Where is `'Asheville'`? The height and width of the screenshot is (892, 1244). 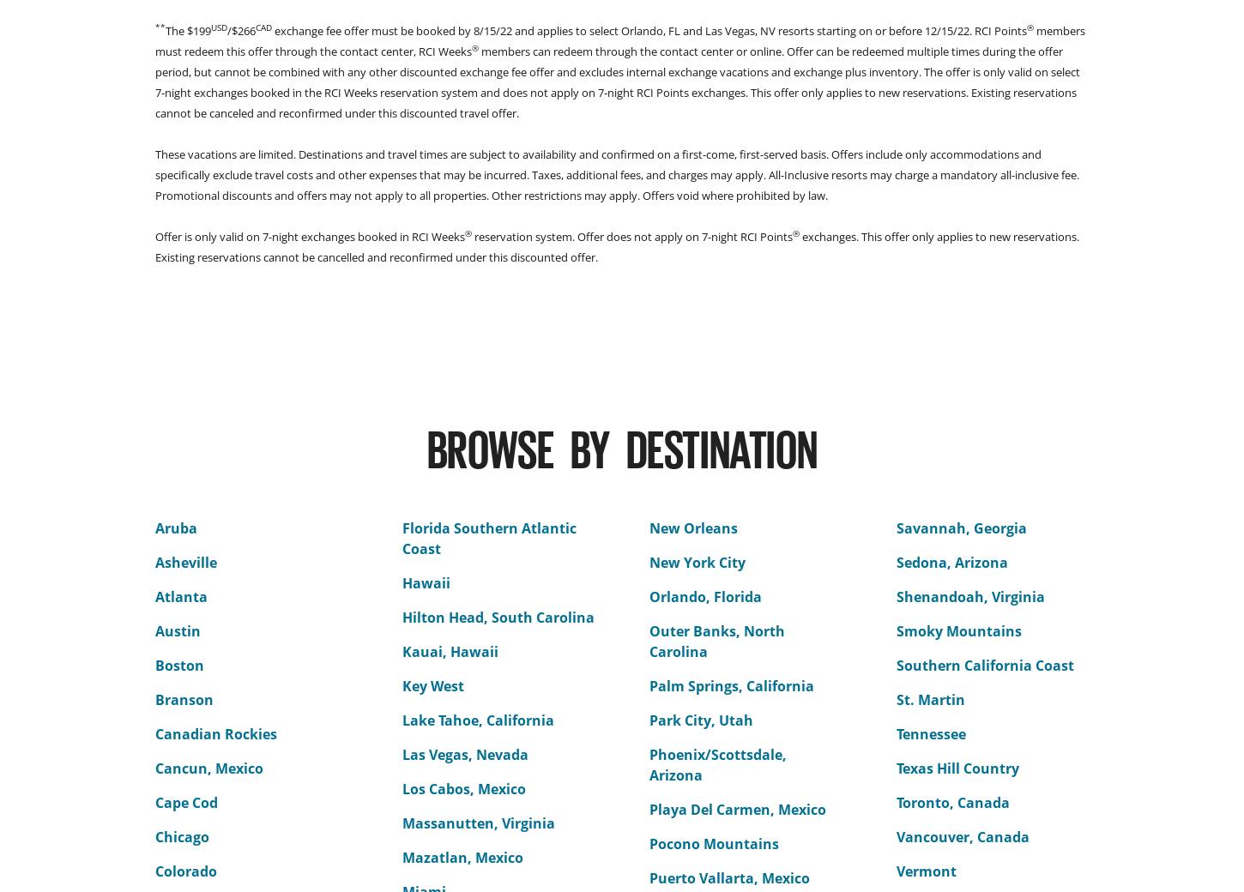
'Asheville' is located at coordinates (185, 563).